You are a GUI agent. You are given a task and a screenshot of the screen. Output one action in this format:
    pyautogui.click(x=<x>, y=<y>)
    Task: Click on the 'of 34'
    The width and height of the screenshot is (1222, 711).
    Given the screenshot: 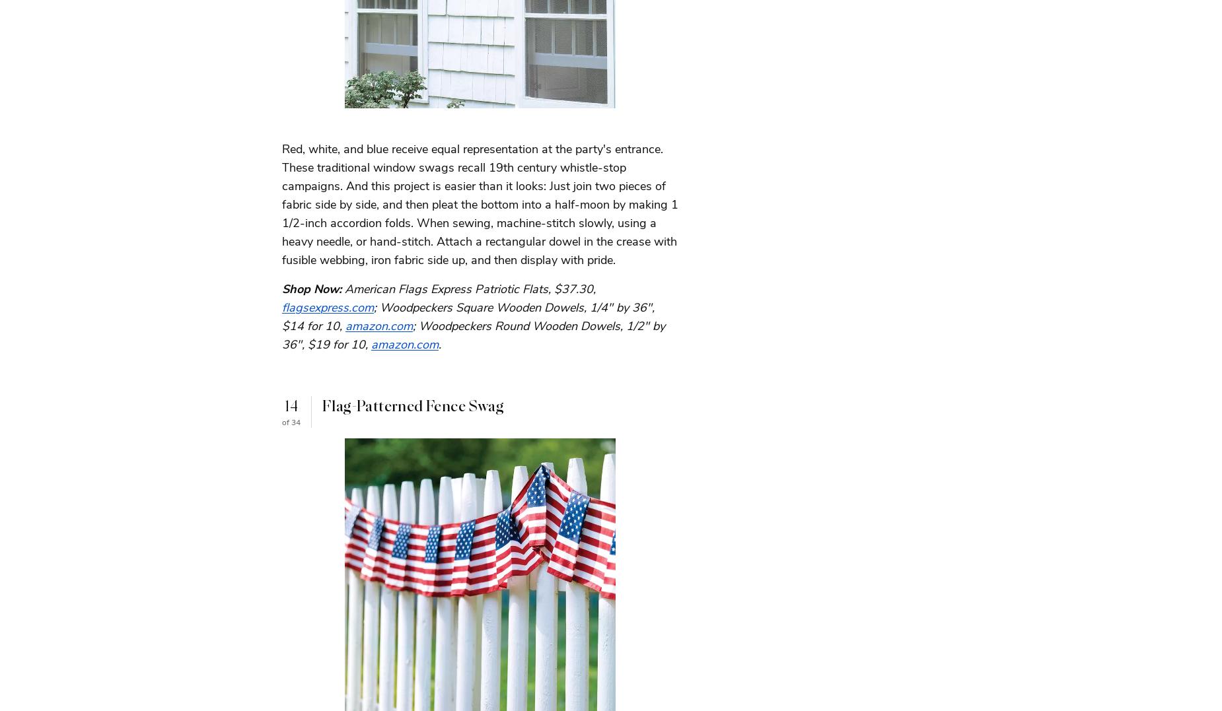 What is the action you would take?
    pyautogui.click(x=291, y=421)
    